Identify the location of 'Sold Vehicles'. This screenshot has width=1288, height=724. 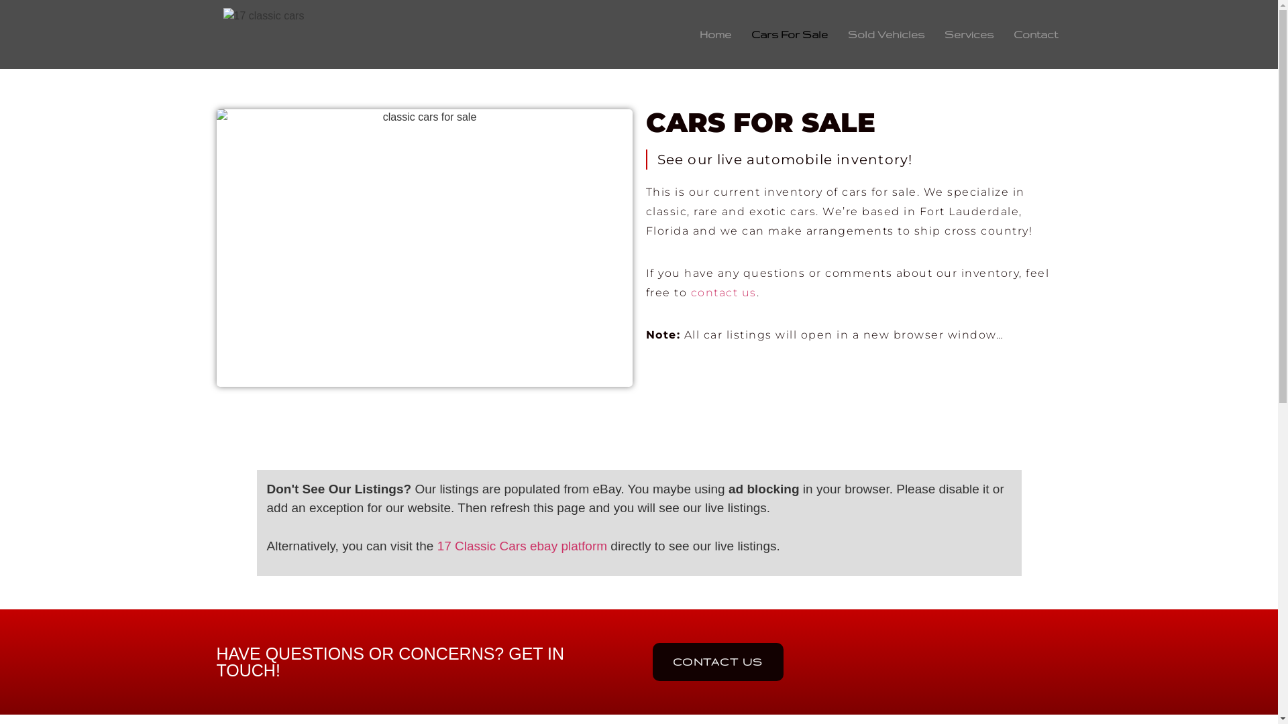
(885, 34).